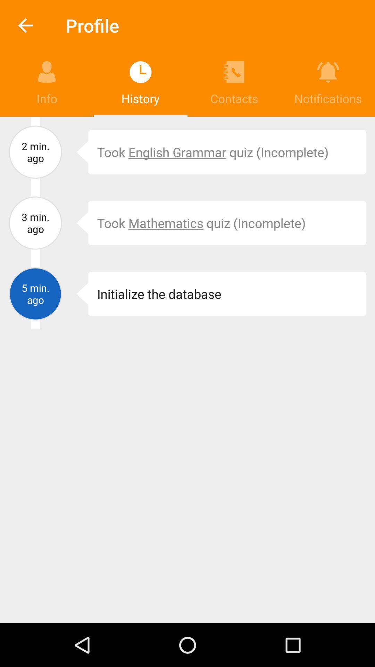 The height and width of the screenshot is (667, 375). Describe the element at coordinates (77, 223) in the screenshot. I see `app next to the 3 min. ago item` at that location.